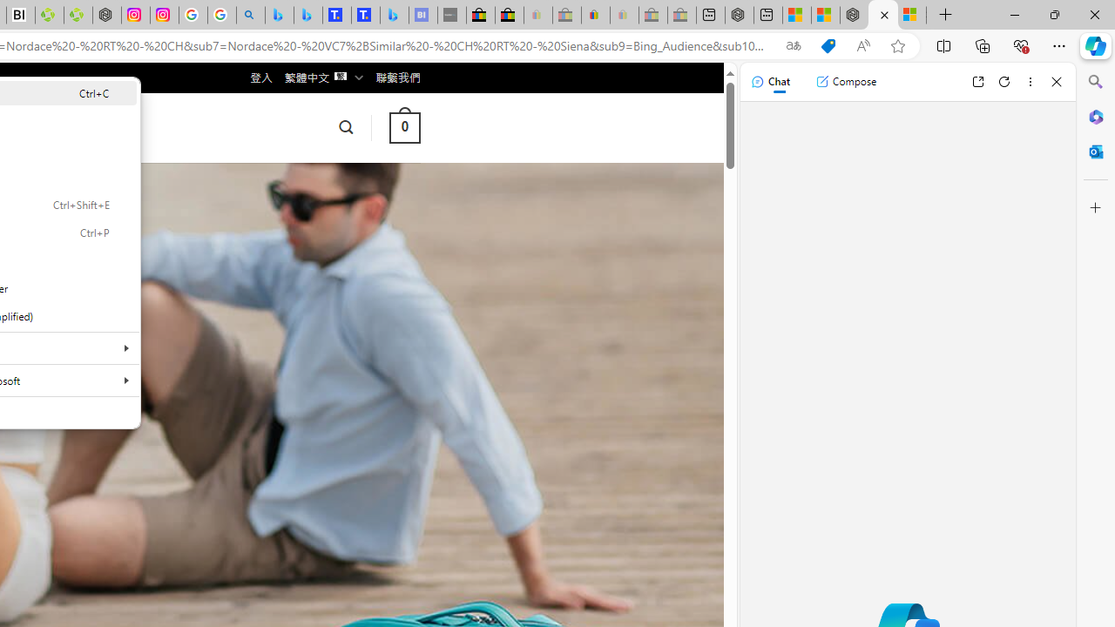  What do you see at coordinates (625, 15) in the screenshot?
I see `'Payments Terms of Use | eBay.com - Sleeping'` at bounding box center [625, 15].